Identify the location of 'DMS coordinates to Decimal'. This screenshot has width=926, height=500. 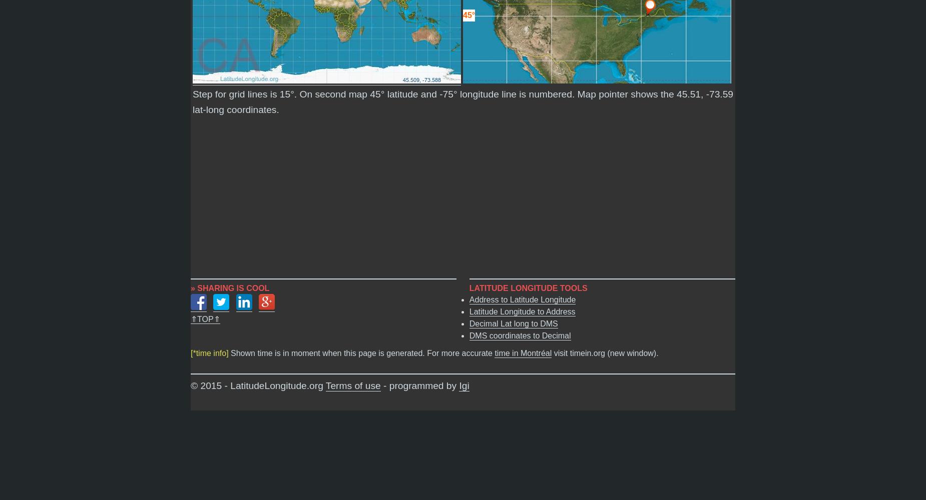
(519, 335).